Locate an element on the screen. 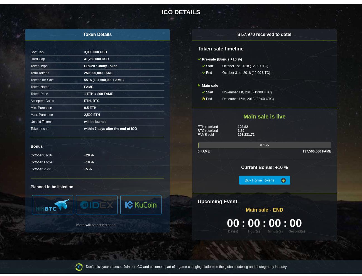 The image size is (362, 276). '41,250,000 USD' is located at coordinates (96, 59).